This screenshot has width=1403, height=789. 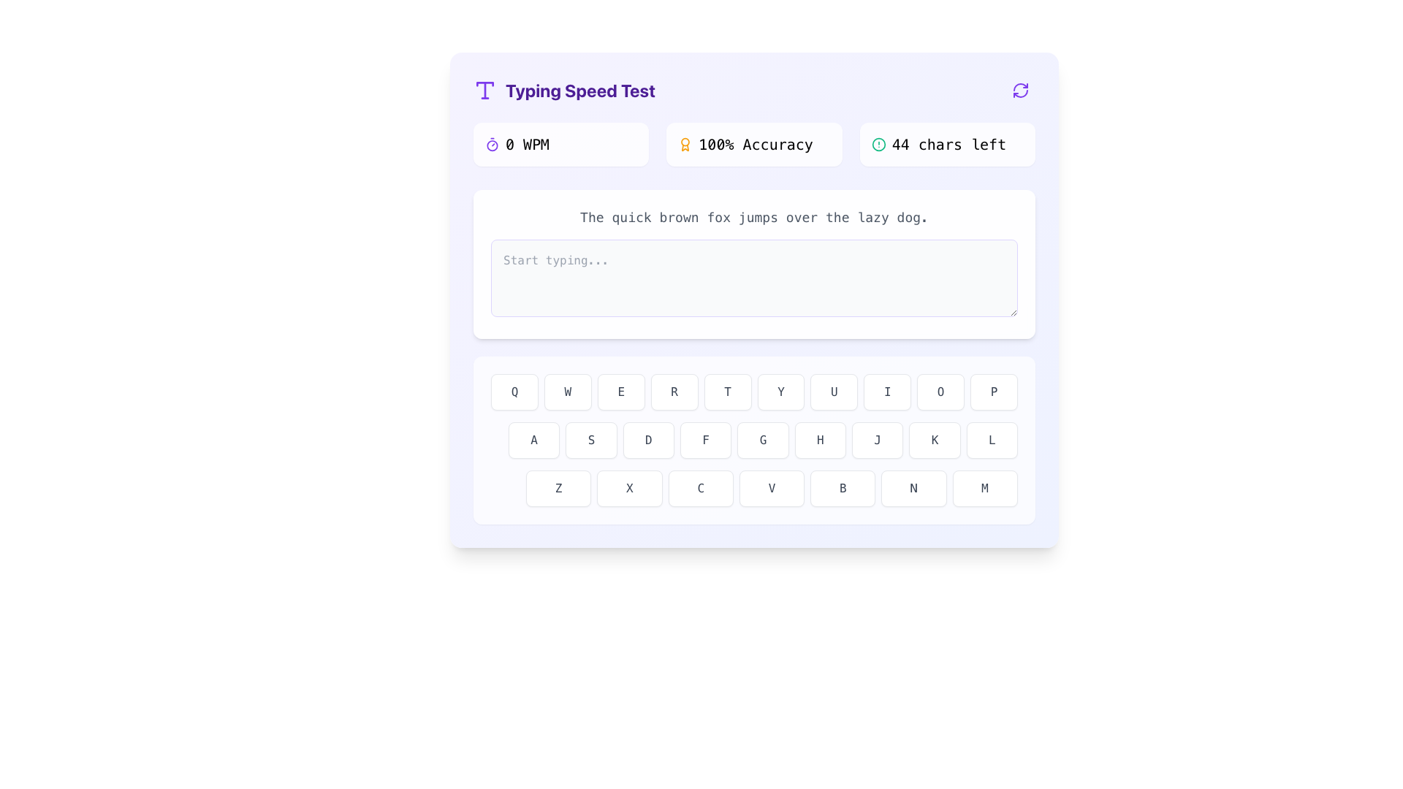 What do you see at coordinates (700, 488) in the screenshot?
I see `the virtual keyboard key for character 'C', located between the 'X' and 'V' keys in the grid layout of the keyboard interface` at bounding box center [700, 488].